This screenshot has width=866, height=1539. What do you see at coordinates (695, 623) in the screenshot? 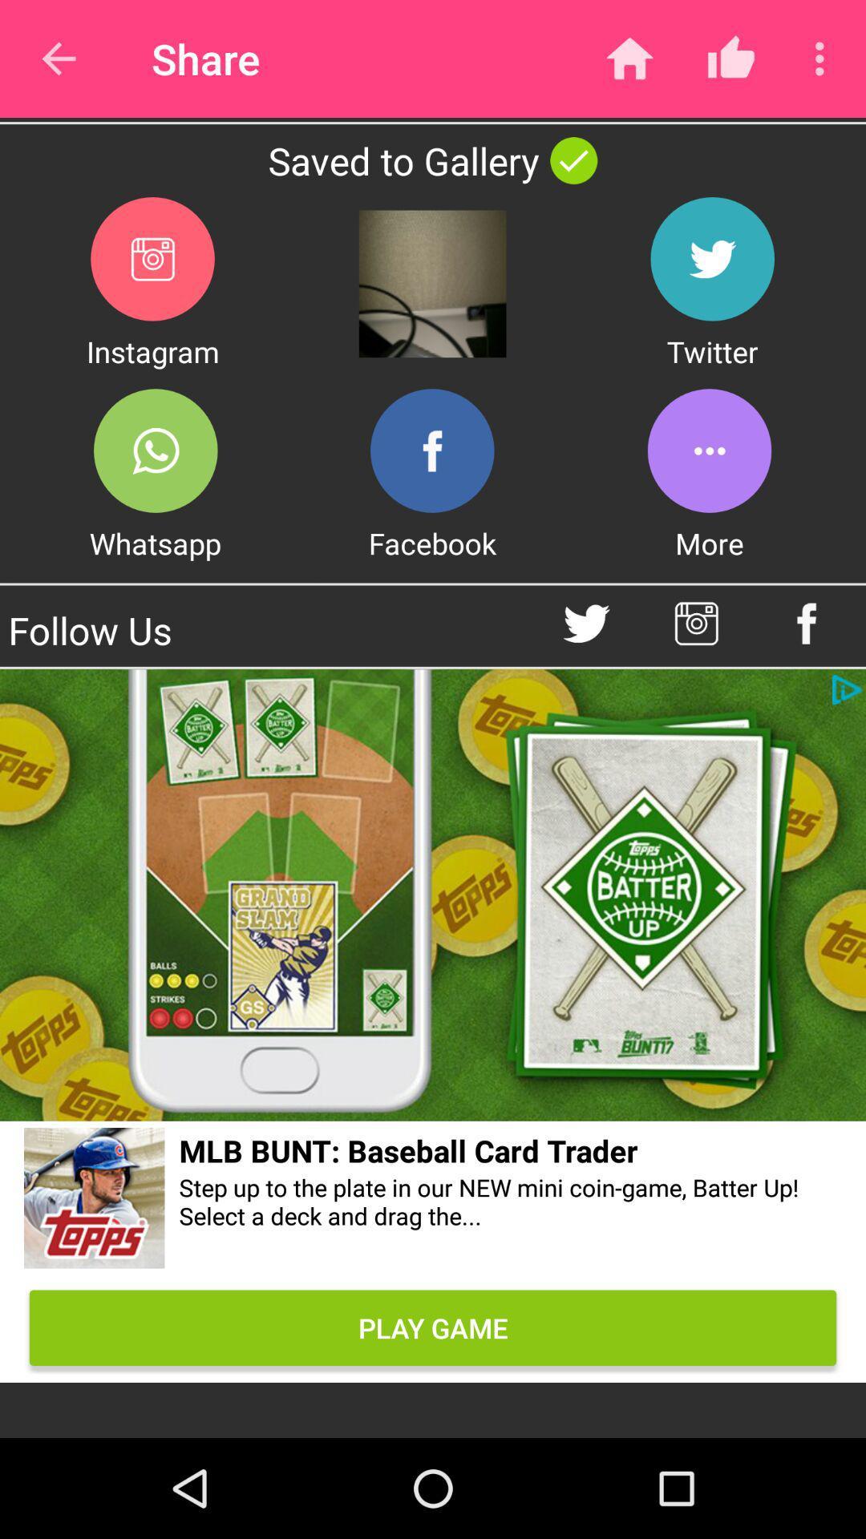
I see `follow on instagram` at bounding box center [695, 623].